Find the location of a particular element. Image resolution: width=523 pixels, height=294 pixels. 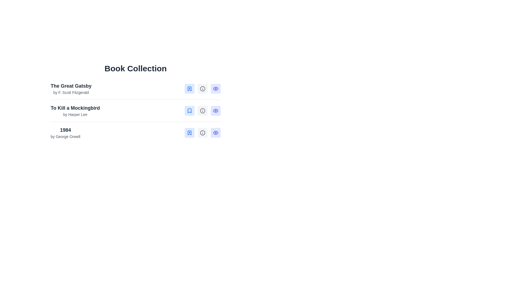

the 'View Summary' button, which is a small square button with a rounded appearance, featuring an eye icon and a light-indigo background located at the rightmost position in the row of buttons for the book '1984' is located at coordinates (215, 133).